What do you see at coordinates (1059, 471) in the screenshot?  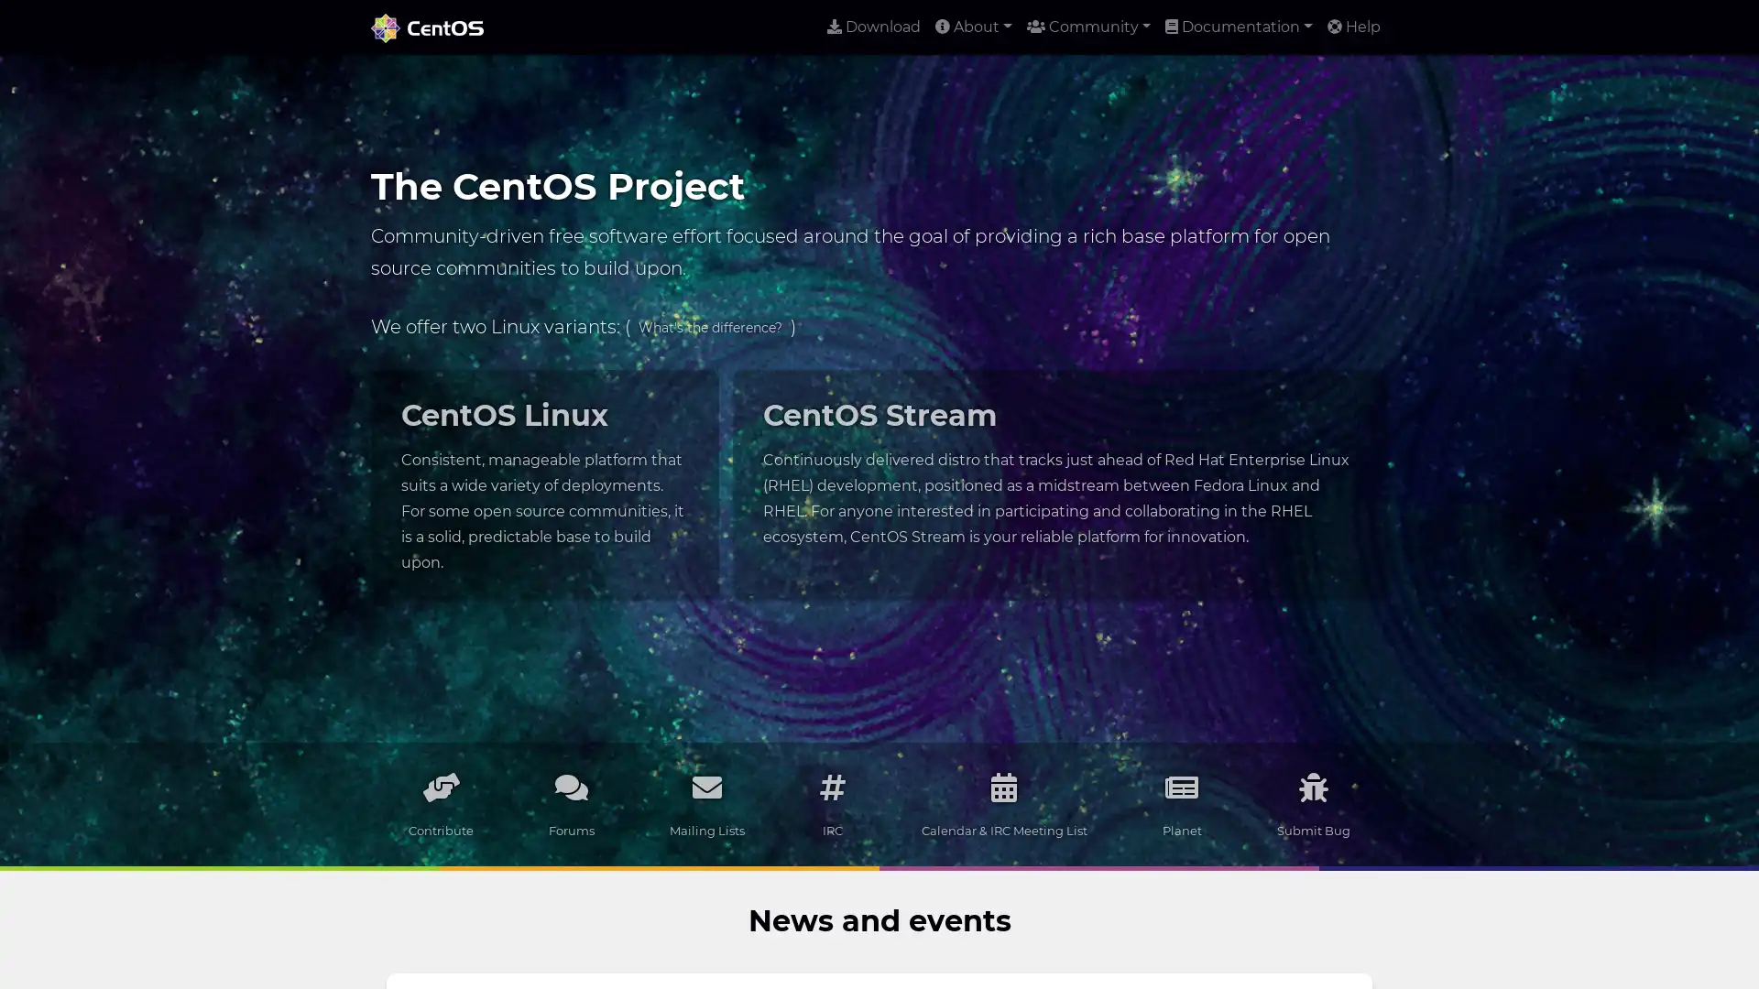 I see `CentOS Stream Continuously delivered distro that tracks just ahead of Red Hat Enterprise Linux (RHEL) development, positioned as a midstream between Fedora Linux and RHEL. For anyone interested in participating and collaborating in the RHEL ecosystem, CentOS Stream is your reliable platform for innovation.` at bounding box center [1059, 471].